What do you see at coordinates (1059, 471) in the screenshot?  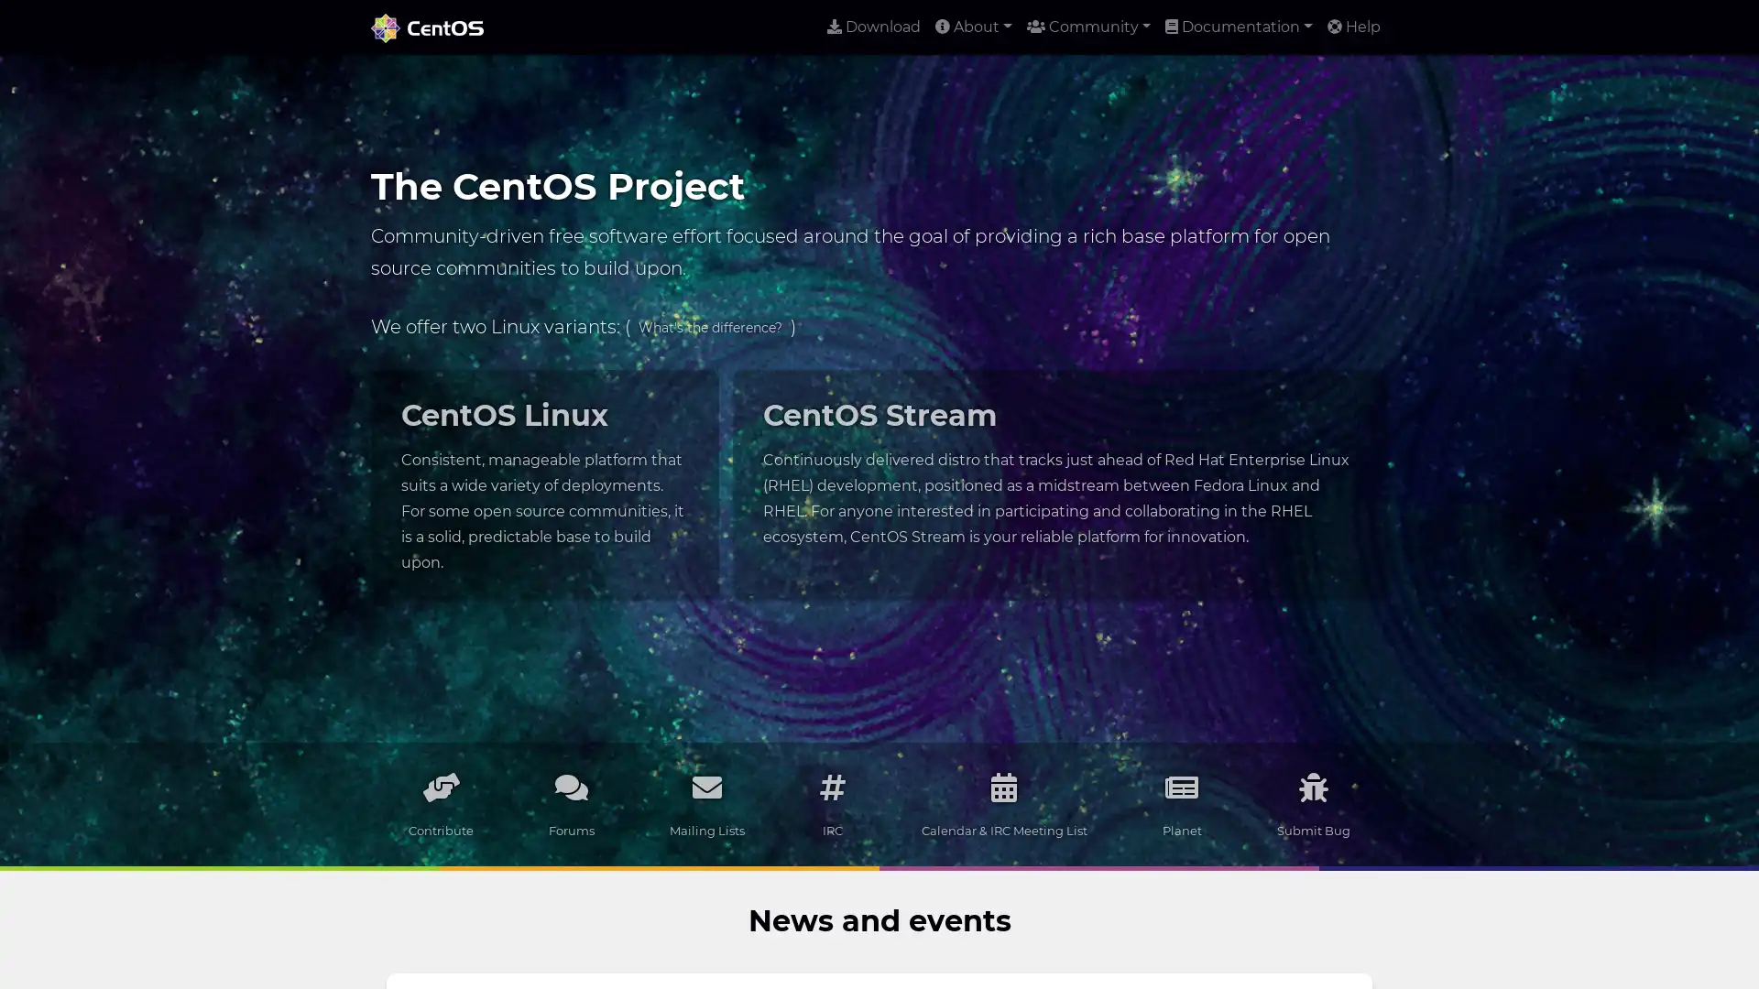 I see `CentOS Stream Continuously delivered distro that tracks just ahead of Red Hat Enterprise Linux (RHEL) development, positioned as a midstream between Fedora Linux and RHEL. For anyone interested in participating and collaborating in the RHEL ecosystem, CentOS Stream is your reliable platform for innovation.` at bounding box center [1059, 471].